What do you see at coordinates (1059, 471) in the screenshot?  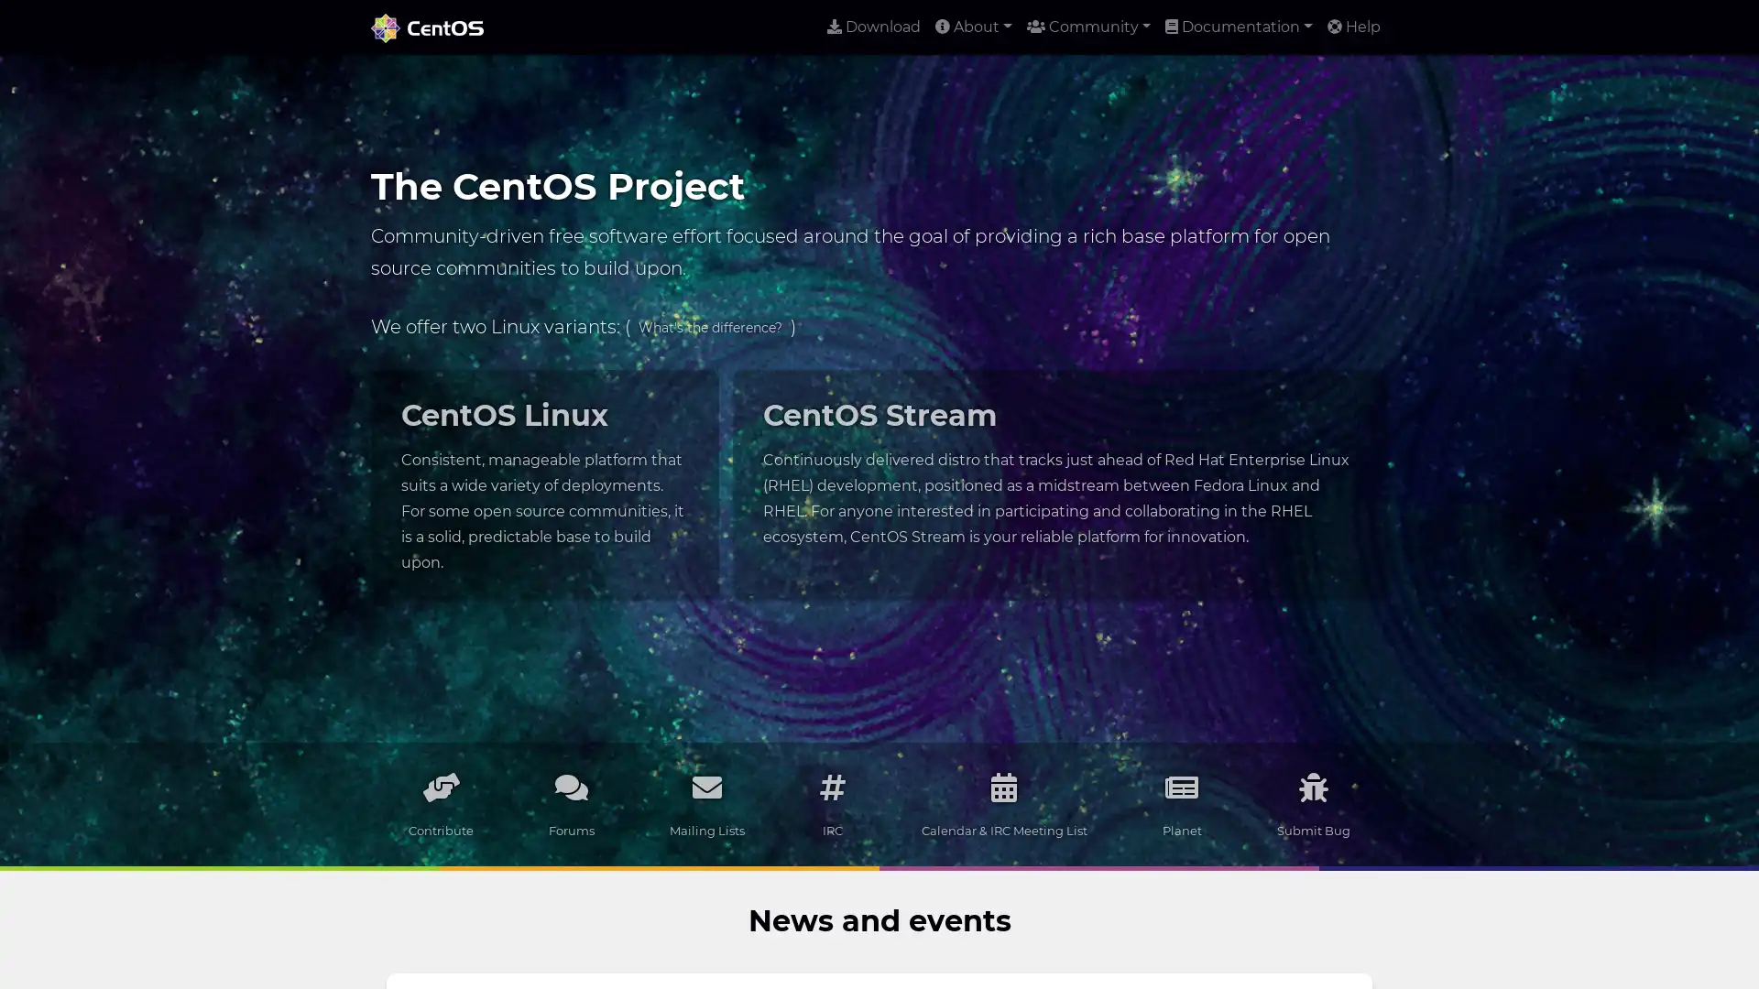 I see `CentOS Stream Continuously delivered distro that tracks just ahead of Red Hat Enterprise Linux (RHEL) development, positioned as a midstream between Fedora Linux and RHEL. For anyone interested in participating and collaborating in the RHEL ecosystem, CentOS Stream is your reliable platform for innovation.` at bounding box center [1059, 471].